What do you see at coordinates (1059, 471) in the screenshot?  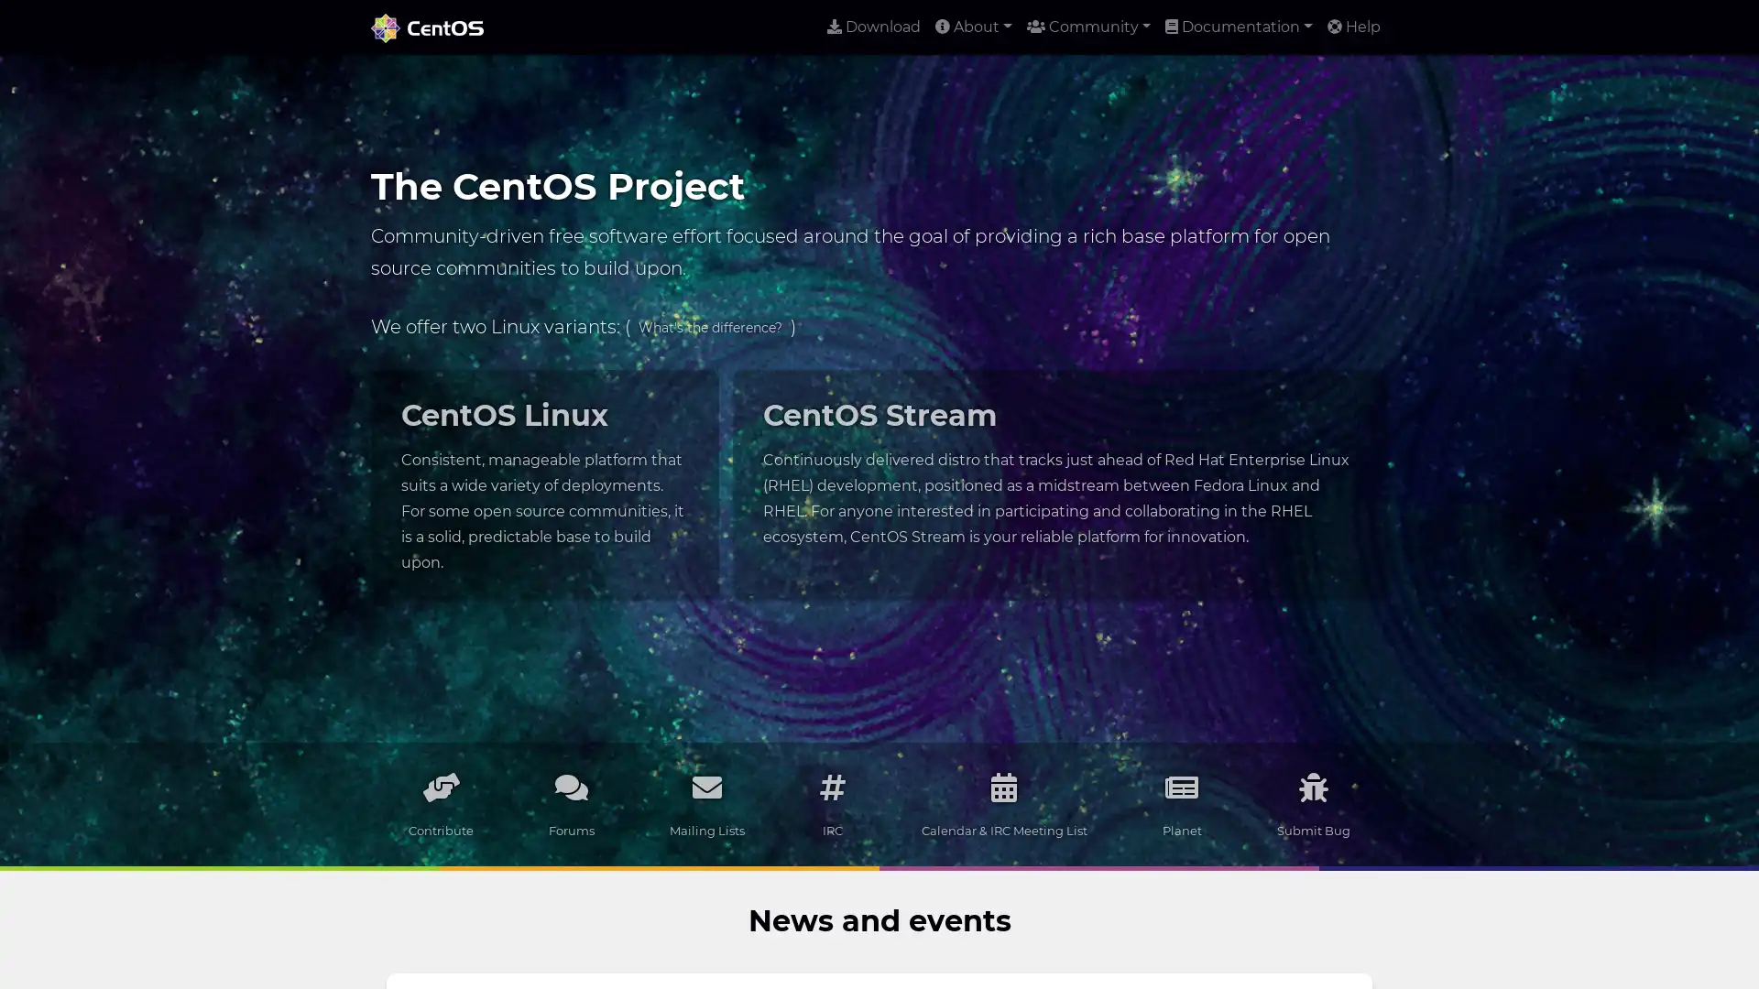 I see `CentOS Stream Continuously delivered distro that tracks just ahead of Red Hat Enterprise Linux (RHEL) development, positioned as a midstream between Fedora Linux and RHEL. For anyone interested in participating and collaborating in the RHEL ecosystem, CentOS Stream is your reliable platform for innovation.` at bounding box center [1059, 471].